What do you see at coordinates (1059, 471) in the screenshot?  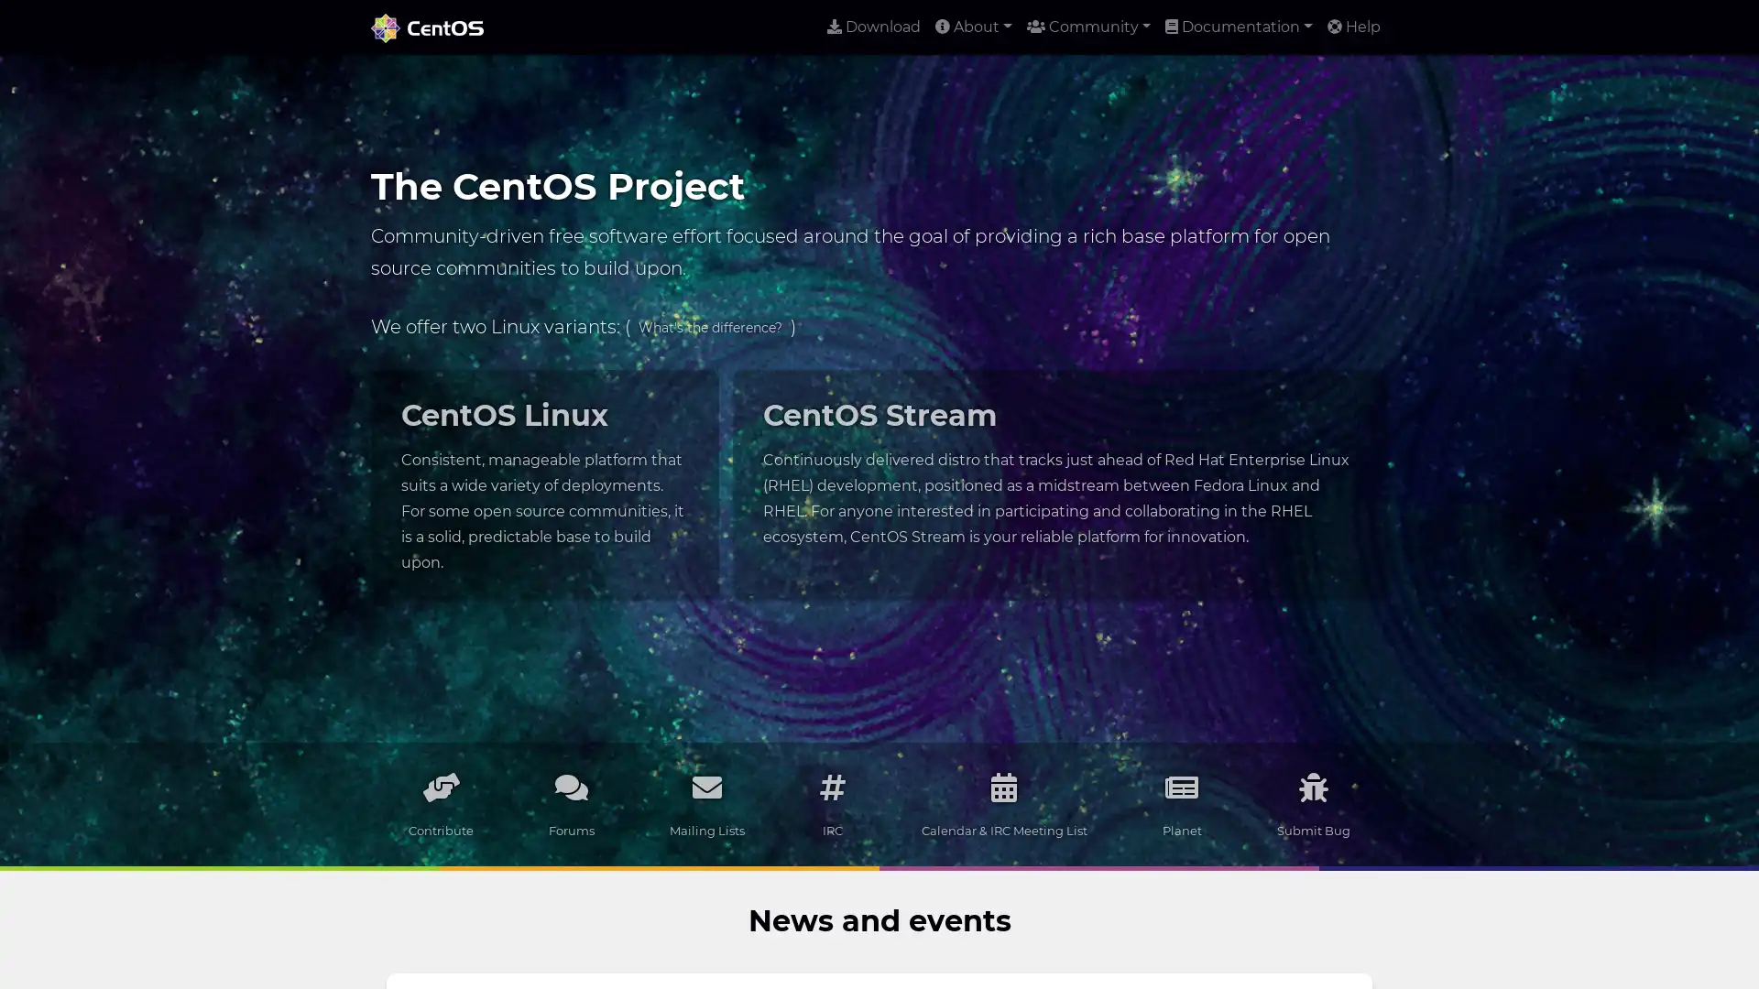 I see `CentOS Stream Continuously delivered distro that tracks just ahead of Red Hat Enterprise Linux (RHEL) development, positioned as a midstream between Fedora Linux and RHEL. For anyone interested in participating and collaborating in the RHEL ecosystem, CentOS Stream is your reliable platform for innovation.` at bounding box center [1059, 471].